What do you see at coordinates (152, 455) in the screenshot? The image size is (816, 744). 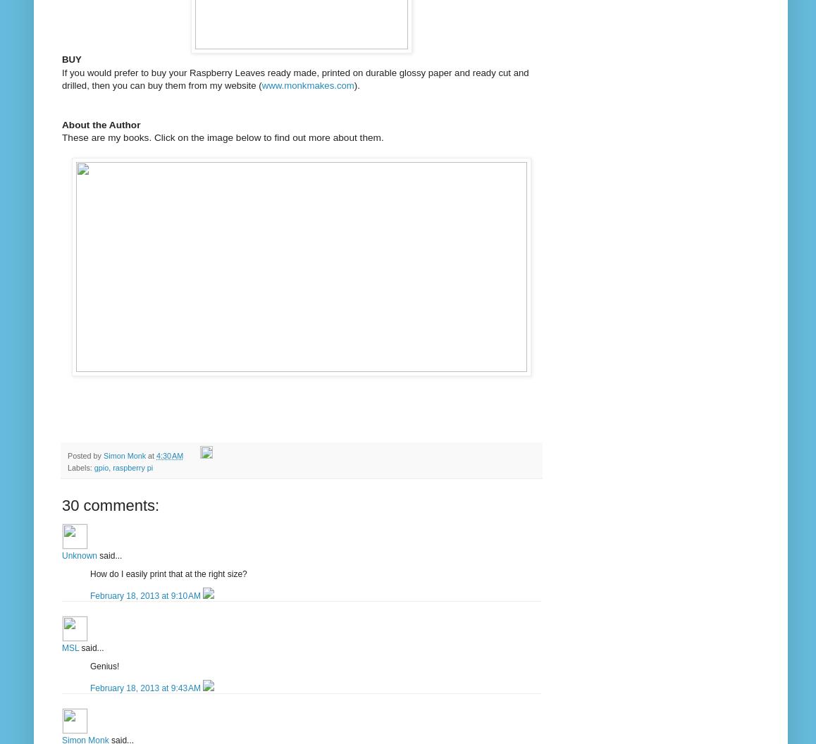 I see `'at'` at bounding box center [152, 455].